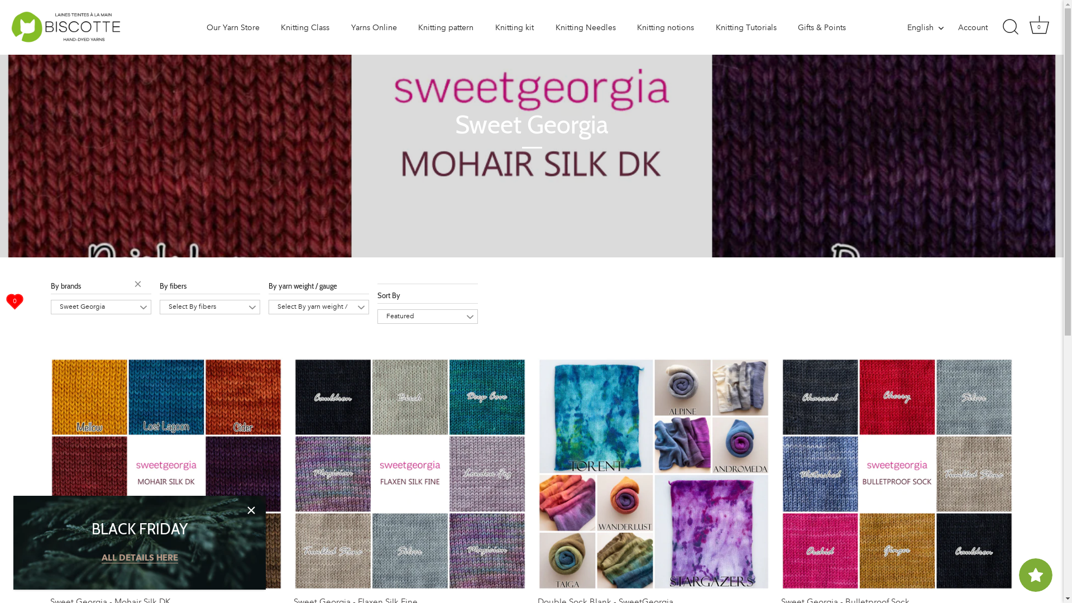 Image resolution: width=1072 pixels, height=603 pixels. What do you see at coordinates (1035, 575) in the screenshot?
I see `'Smile.io Rewards Program Launcher'` at bounding box center [1035, 575].